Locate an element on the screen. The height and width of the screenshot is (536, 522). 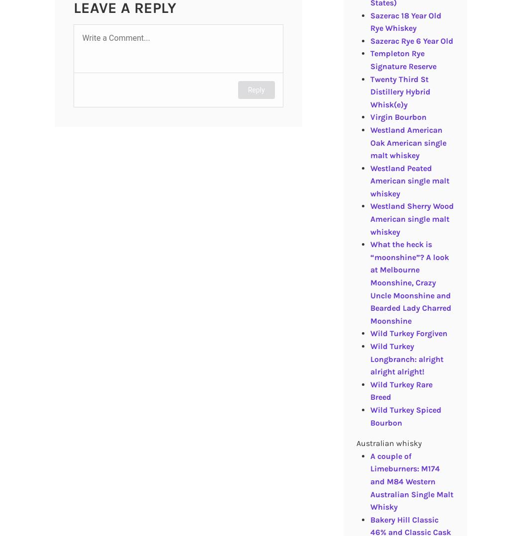
'Westland American Oak American single malt whiskey' is located at coordinates (407, 142).